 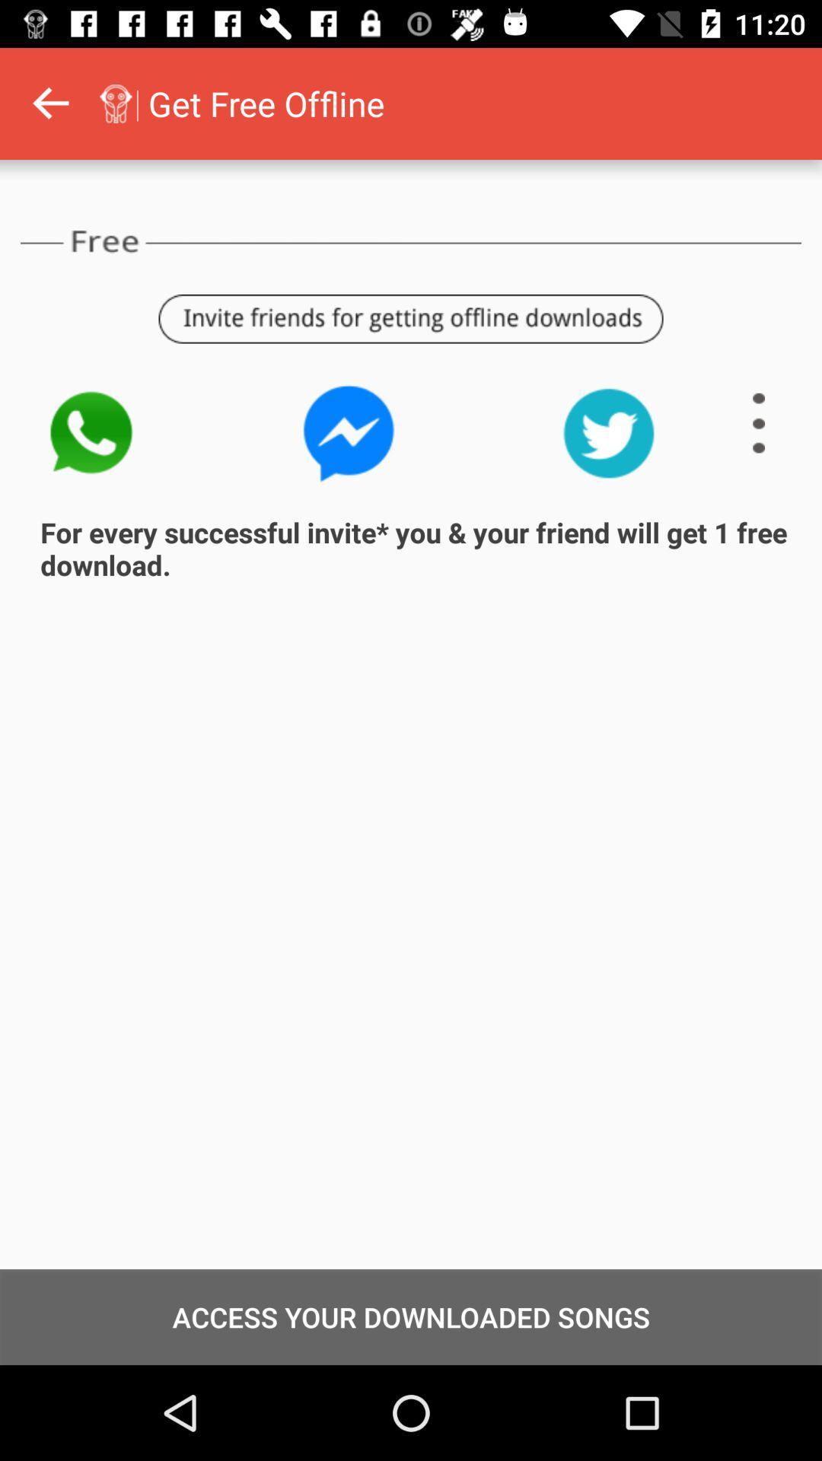 What do you see at coordinates (608, 432) in the screenshot?
I see `item above the for every successful item` at bounding box center [608, 432].